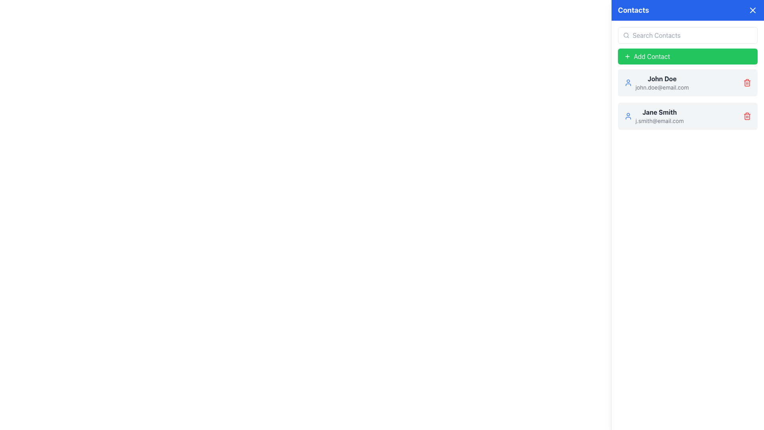 Image resolution: width=764 pixels, height=430 pixels. I want to click on the text display showing the email address 'john.doe@email.com', which is located below 'John Doe' in the contact entry block, so click(662, 87).